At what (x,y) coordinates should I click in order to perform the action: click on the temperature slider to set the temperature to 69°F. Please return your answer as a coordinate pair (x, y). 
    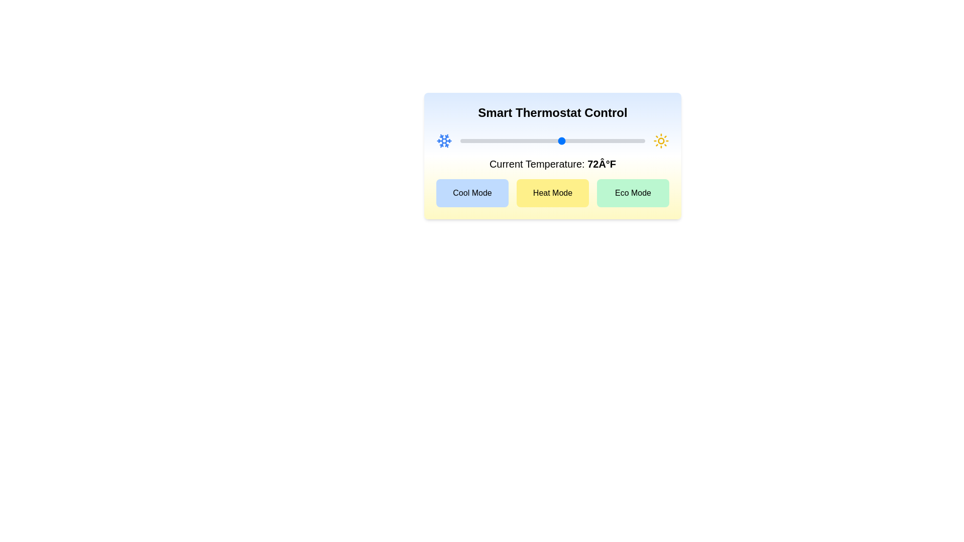
    Looking at the image, I should click on (547, 141).